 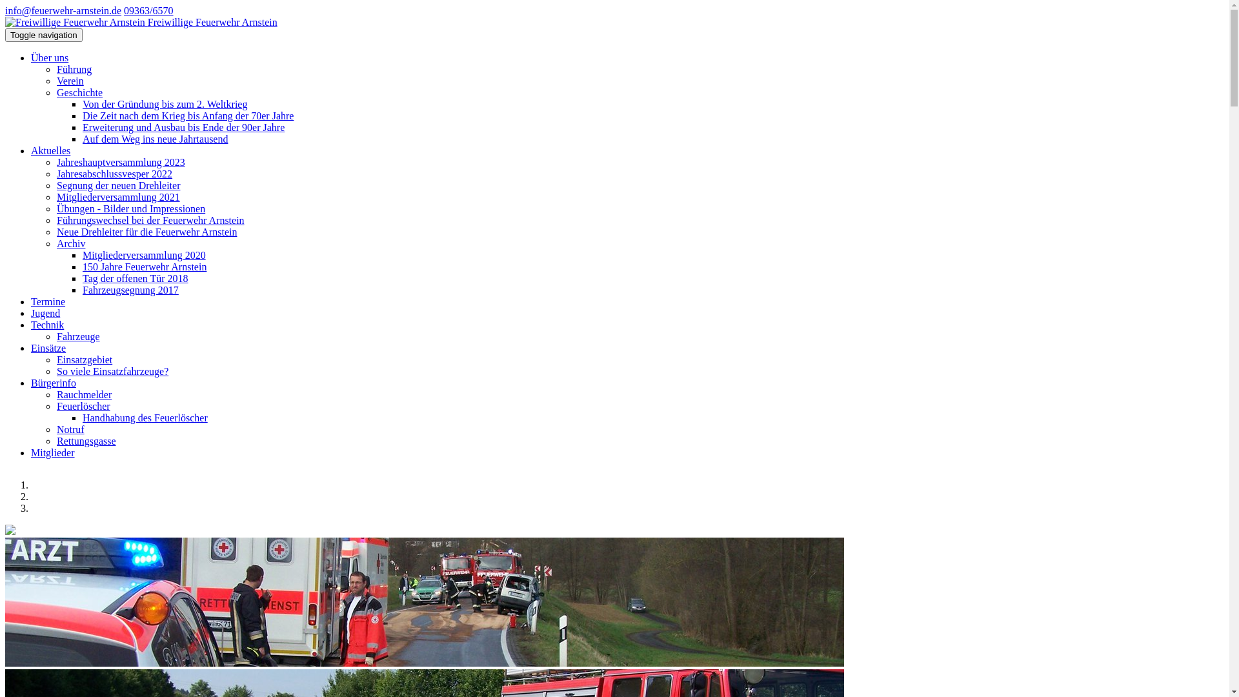 What do you see at coordinates (118, 185) in the screenshot?
I see `'Segnung der neuen Drehleiter'` at bounding box center [118, 185].